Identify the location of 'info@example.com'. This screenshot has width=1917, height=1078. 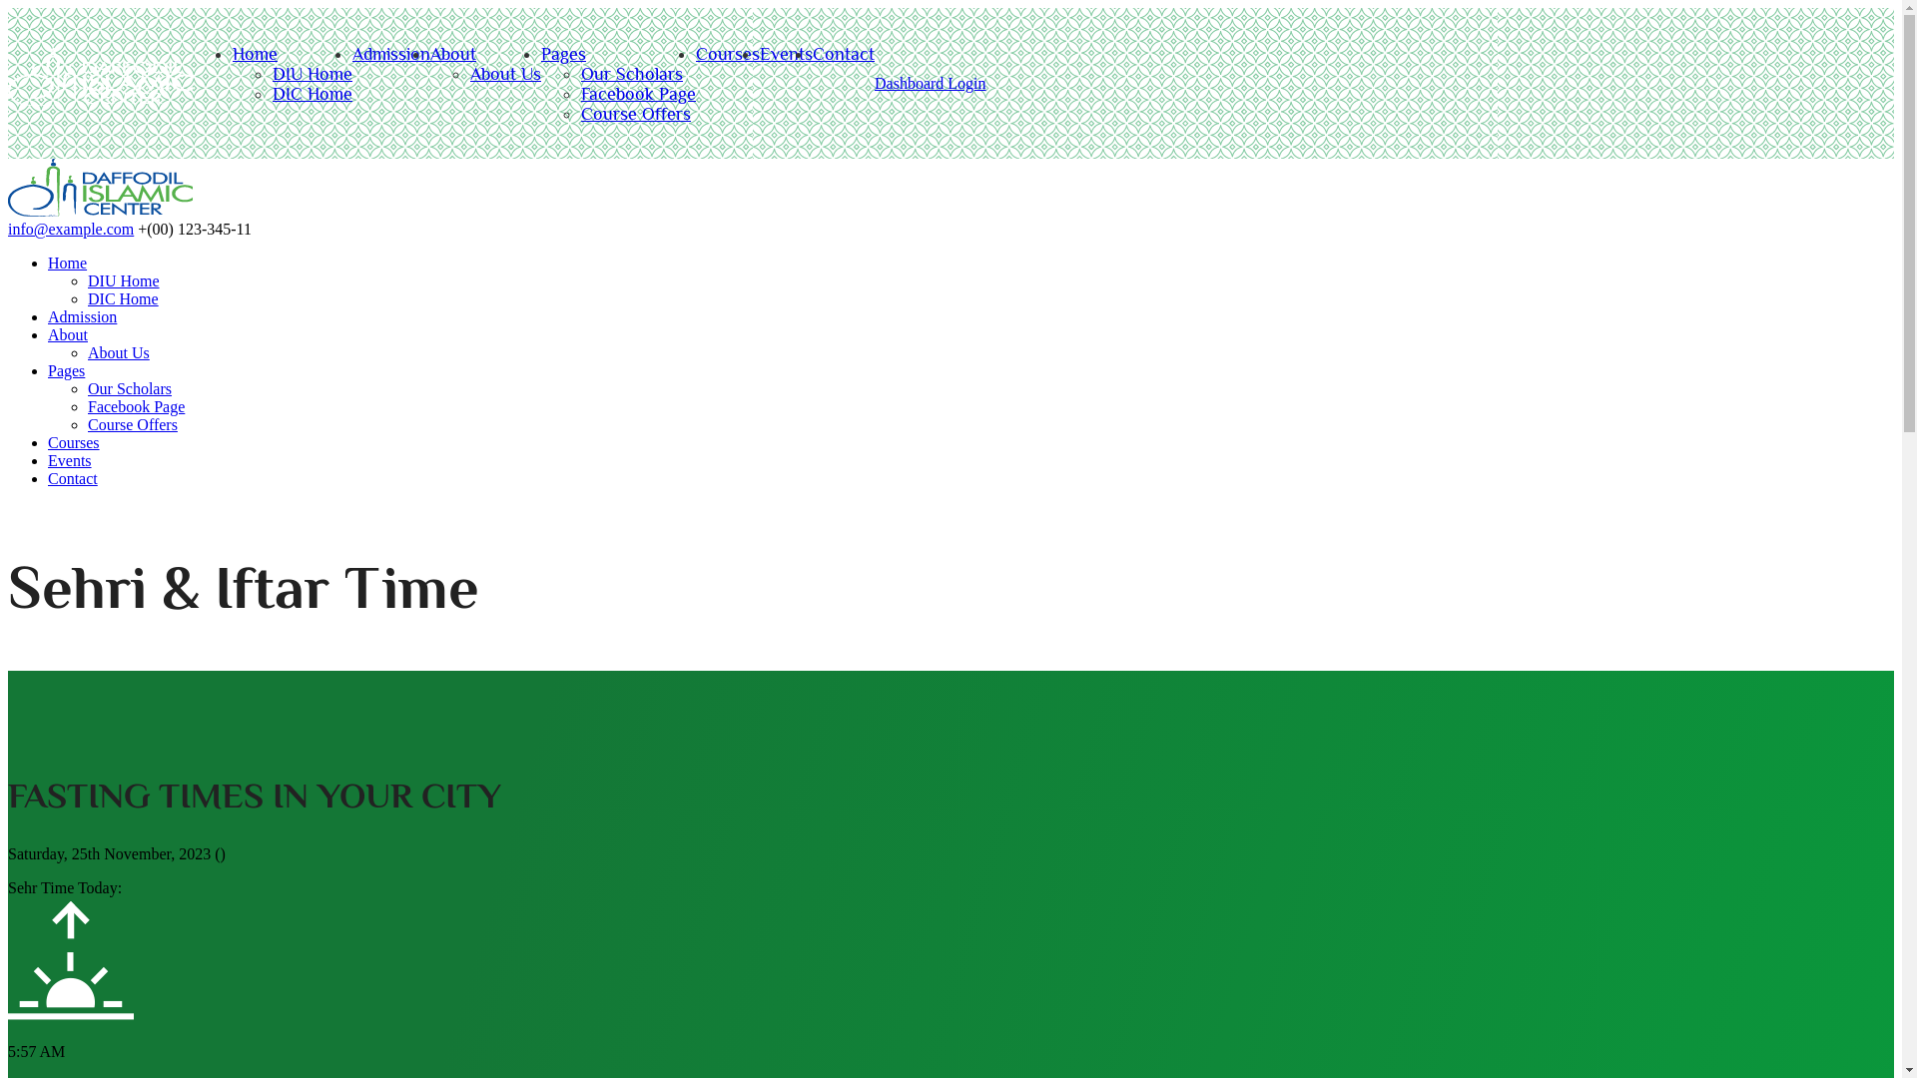
(71, 228).